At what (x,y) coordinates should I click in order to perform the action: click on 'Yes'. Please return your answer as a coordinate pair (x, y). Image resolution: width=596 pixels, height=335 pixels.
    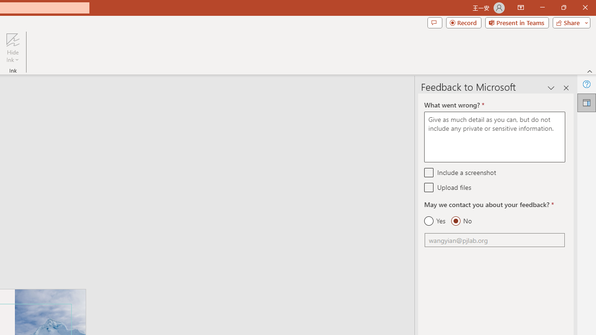
    Looking at the image, I should click on (434, 221).